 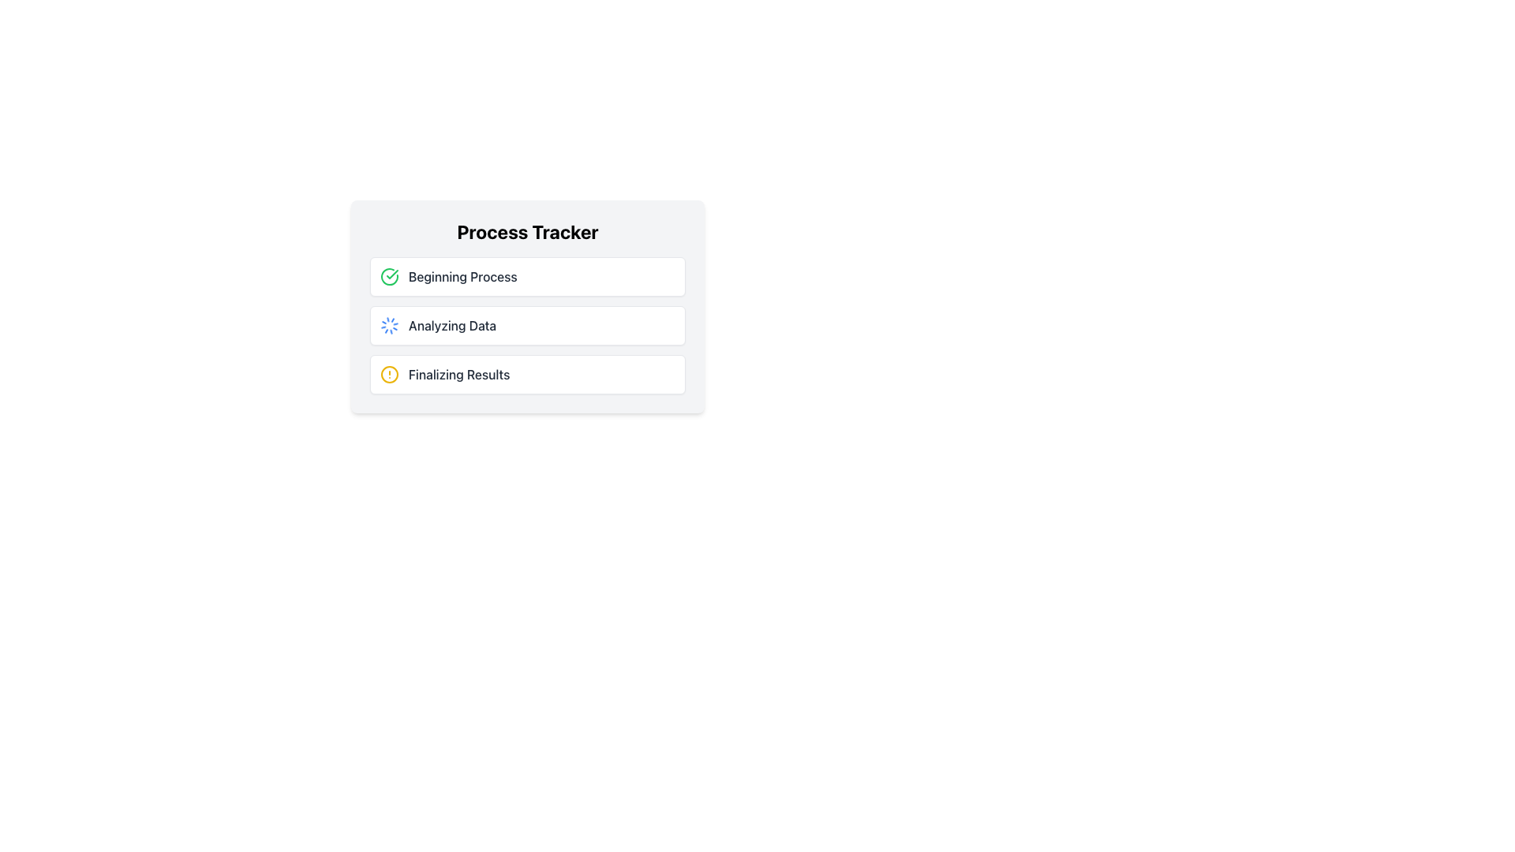 I want to click on the animated circular icon resembling a loader, which is located to the left of the text 'Analyzing Data' in the 'Process Tracker' section, so click(x=390, y=324).